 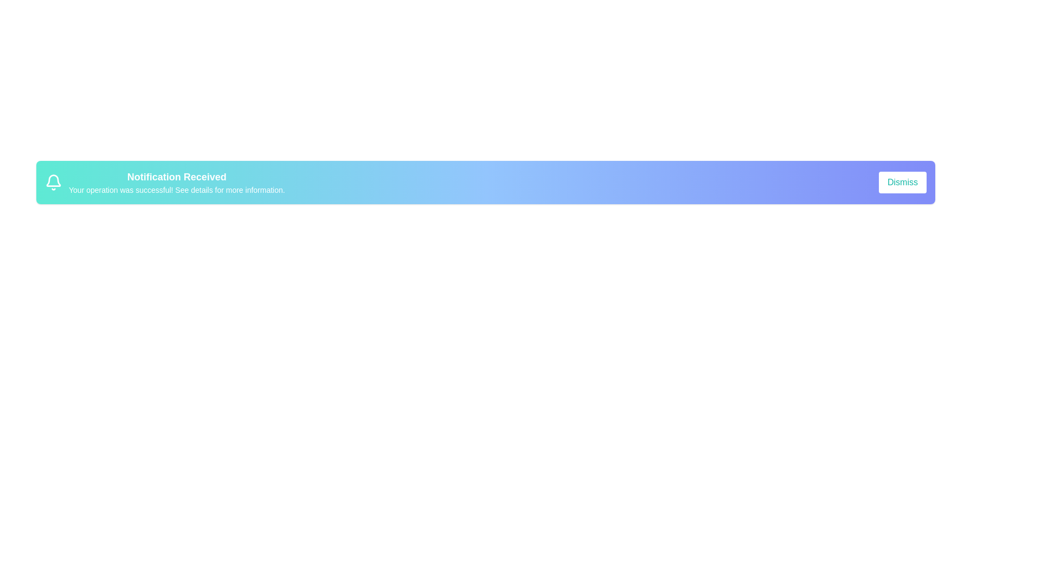 I want to click on the 'Dismiss' button to dismiss the alert, so click(x=903, y=181).